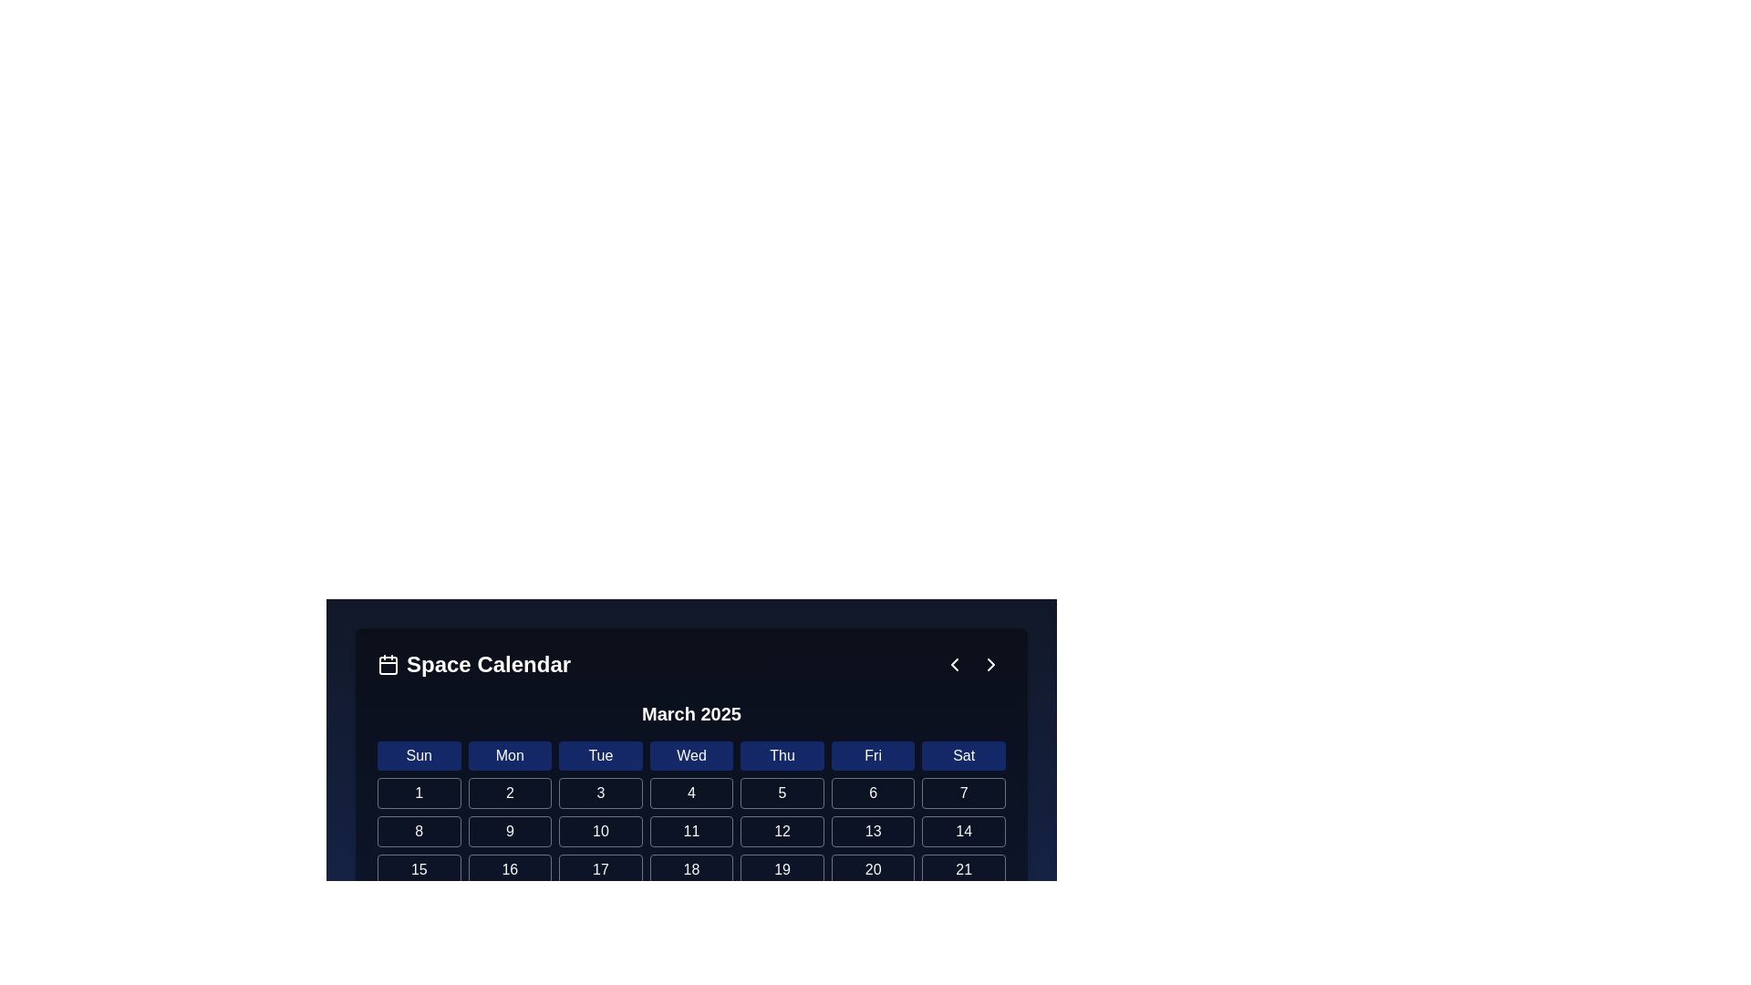  Describe the element at coordinates (418, 756) in the screenshot. I see `the Text header displaying 'Sun', which is styled with a medium-weight font and is located at the top-left corner of a calendar grid layout` at that location.